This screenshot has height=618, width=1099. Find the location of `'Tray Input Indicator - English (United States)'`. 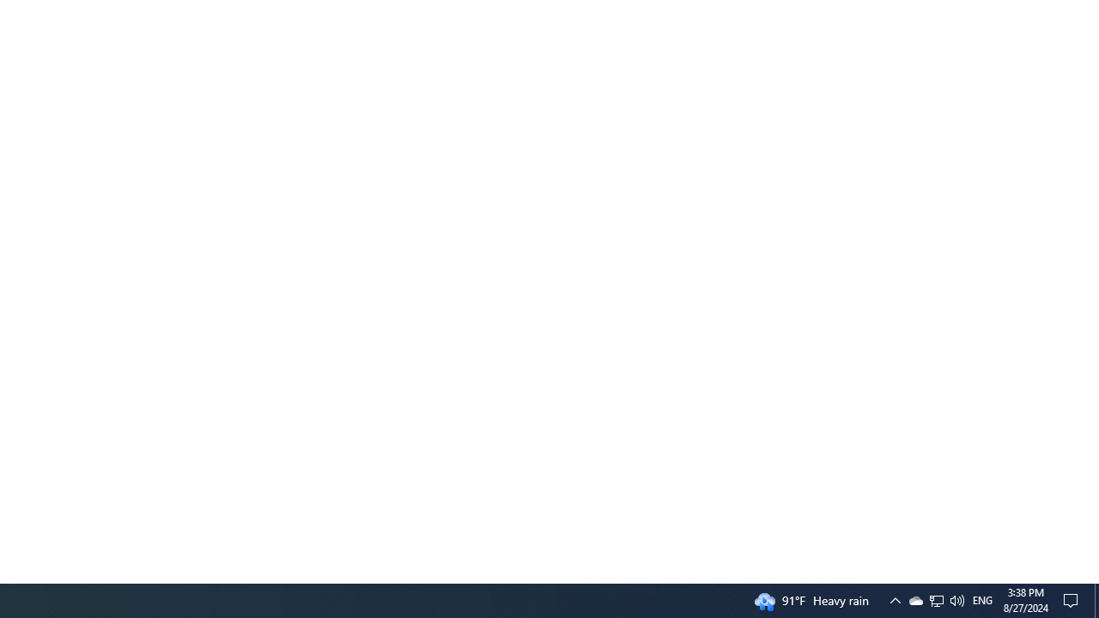

'Tray Input Indicator - English (United States)' is located at coordinates (936, 599).